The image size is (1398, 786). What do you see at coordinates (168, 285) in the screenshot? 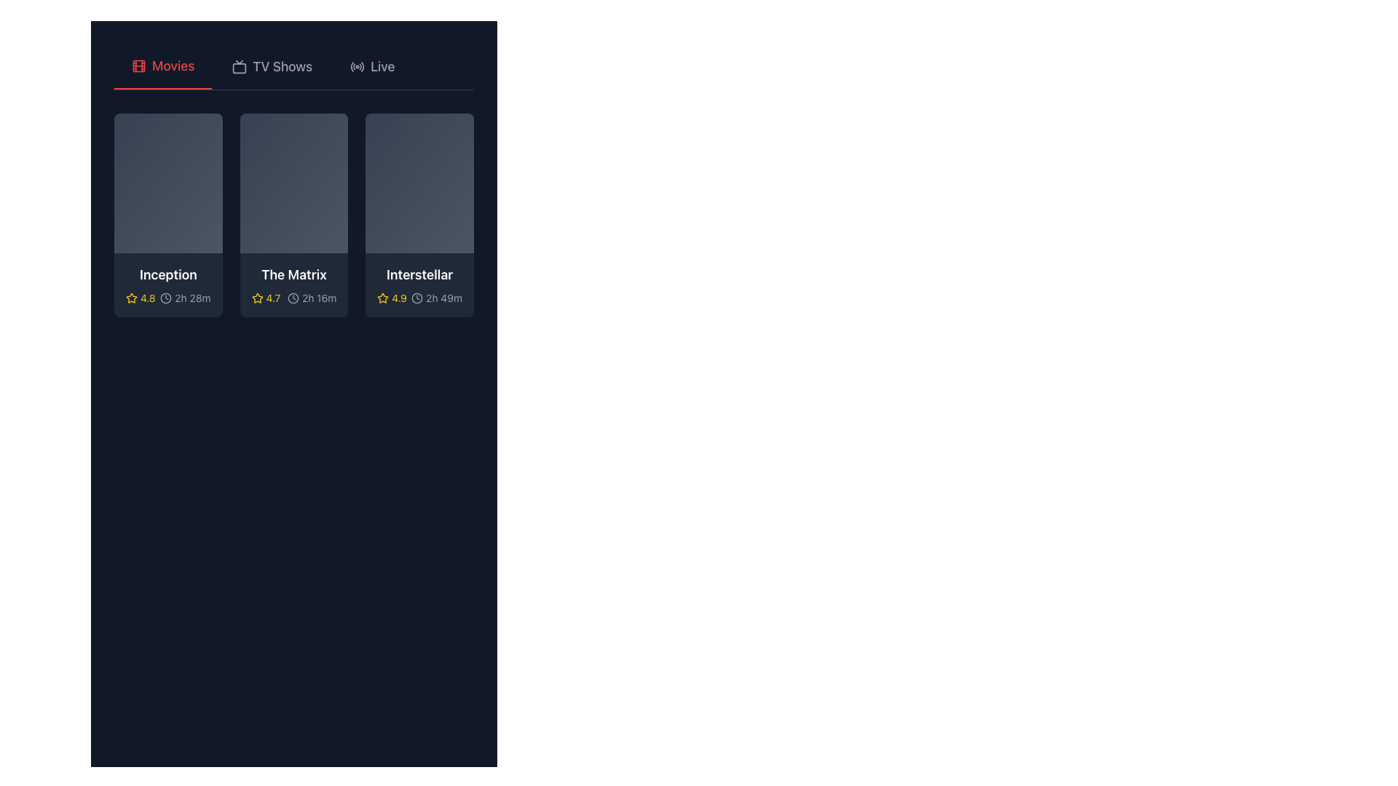
I see `the first Info Card displaying movie information in the lower section` at bounding box center [168, 285].